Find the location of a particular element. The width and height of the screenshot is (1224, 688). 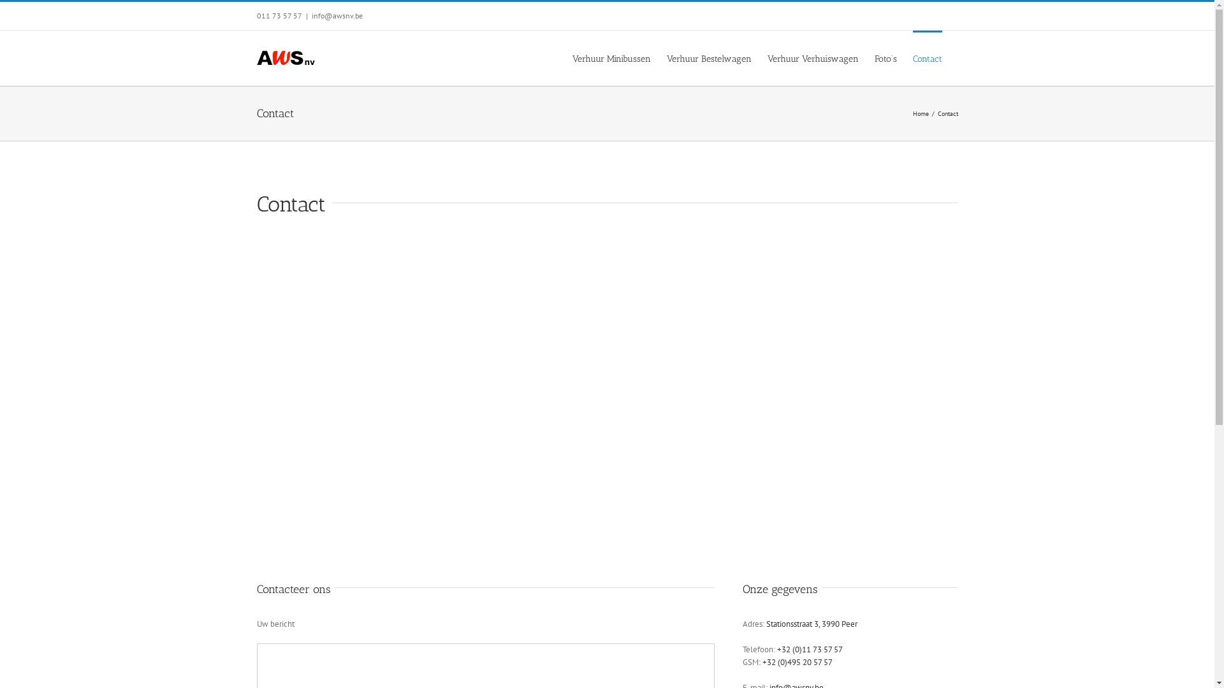

'Stationsstraat 3, 3990 Peer' is located at coordinates (765, 623).